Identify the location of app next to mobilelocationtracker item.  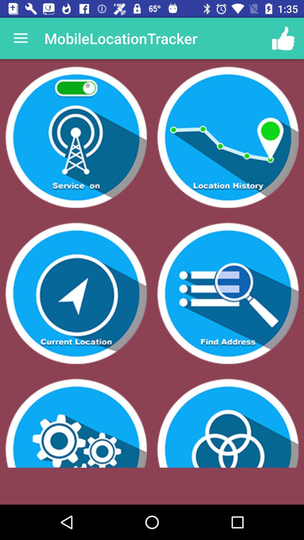
(283, 38).